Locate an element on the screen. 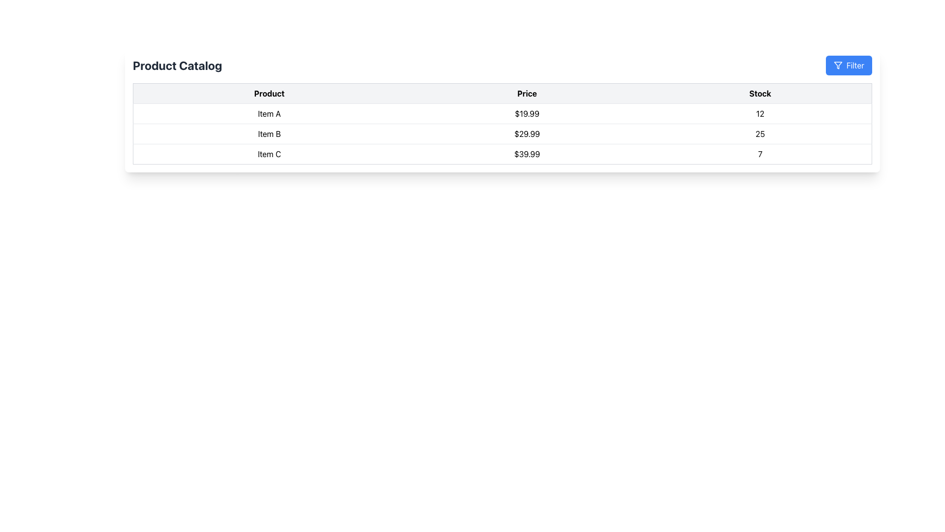 The width and height of the screenshot is (945, 532). the 'Filter' button, which is a rectangular button with a rounded blue background and white text, located on the far right of the menu bar next to 'Product Catalog' is located at coordinates (848, 65).